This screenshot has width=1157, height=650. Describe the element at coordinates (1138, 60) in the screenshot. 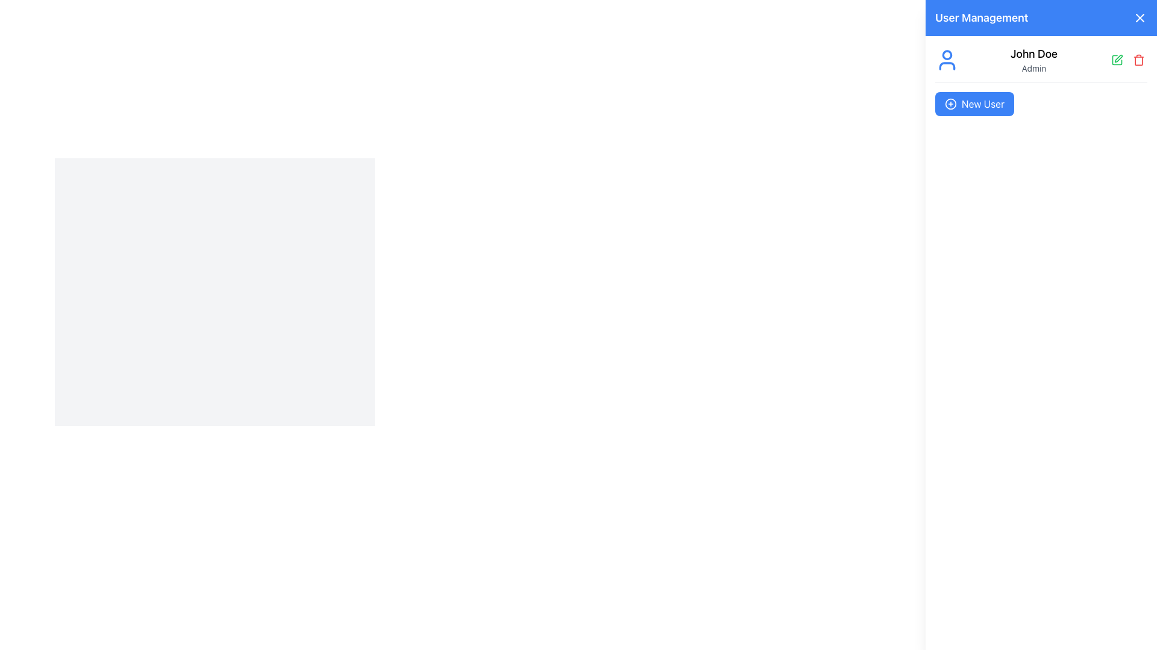

I see `the delete button located at the top-right corner of the user details panel, which is the second icon in a row of two icons, to observe the background change` at that location.